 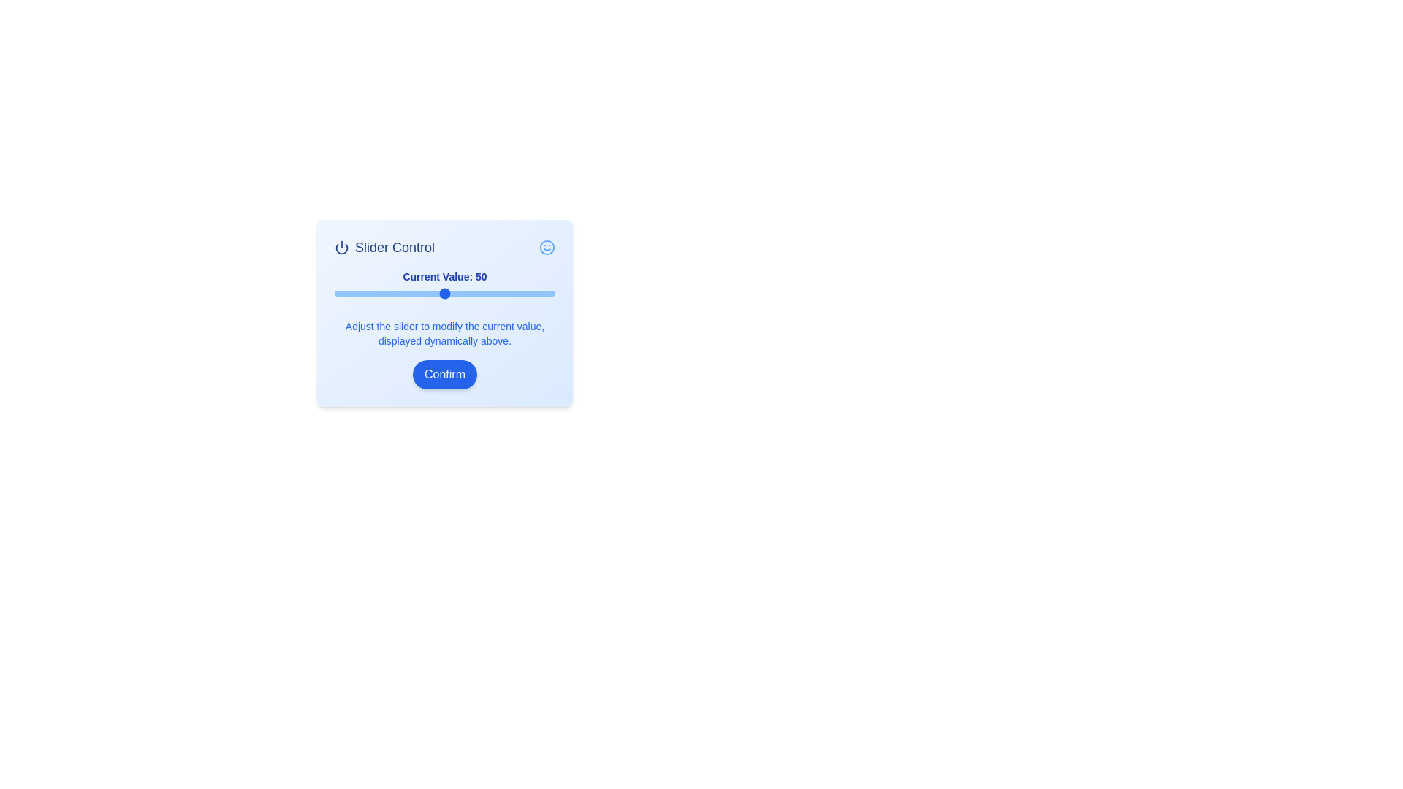 What do you see at coordinates (491, 293) in the screenshot?
I see `the slider value` at bounding box center [491, 293].